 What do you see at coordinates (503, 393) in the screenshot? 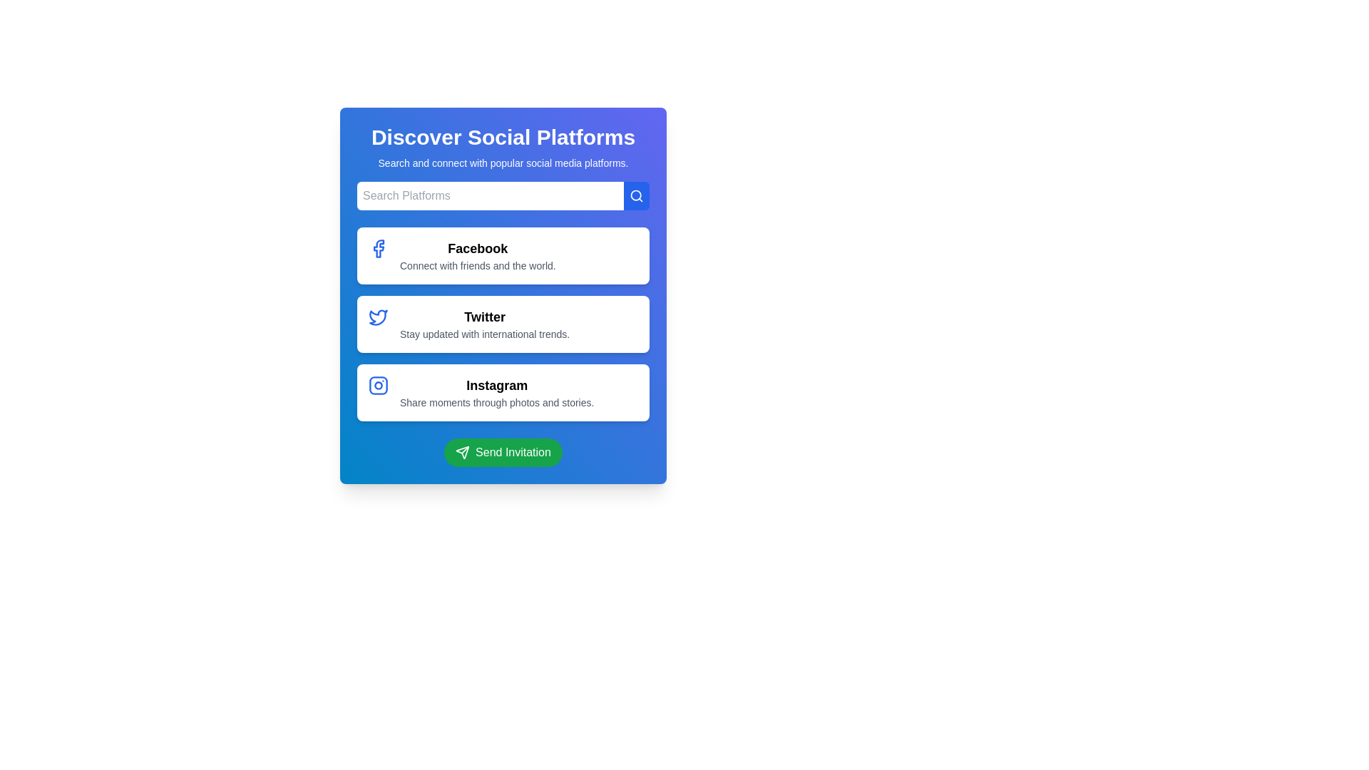
I see `the third informational card about Instagram, which is centrally located in a vertical list of similar cards that includes Facebook and Twitter` at bounding box center [503, 393].